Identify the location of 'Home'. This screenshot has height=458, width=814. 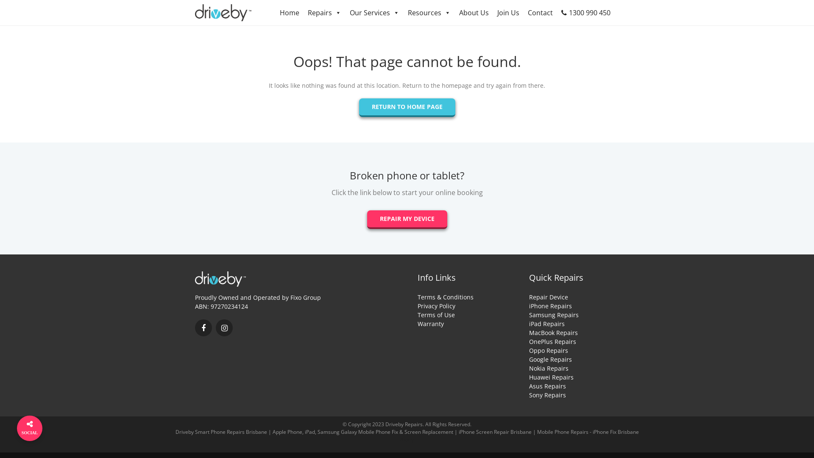
(275, 13).